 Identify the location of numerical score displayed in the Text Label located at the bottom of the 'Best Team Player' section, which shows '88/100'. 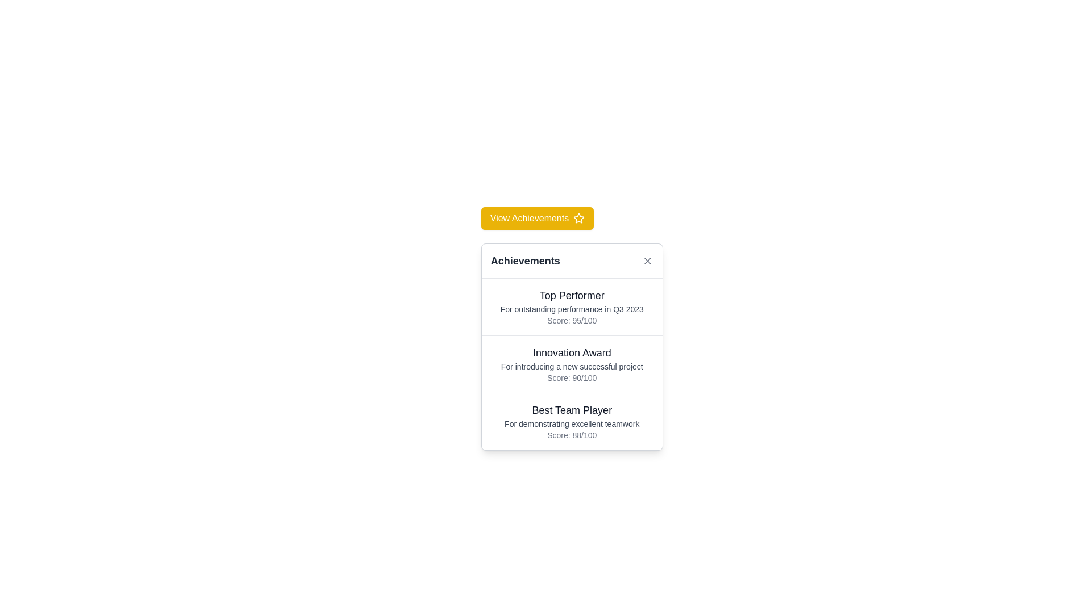
(572, 435).